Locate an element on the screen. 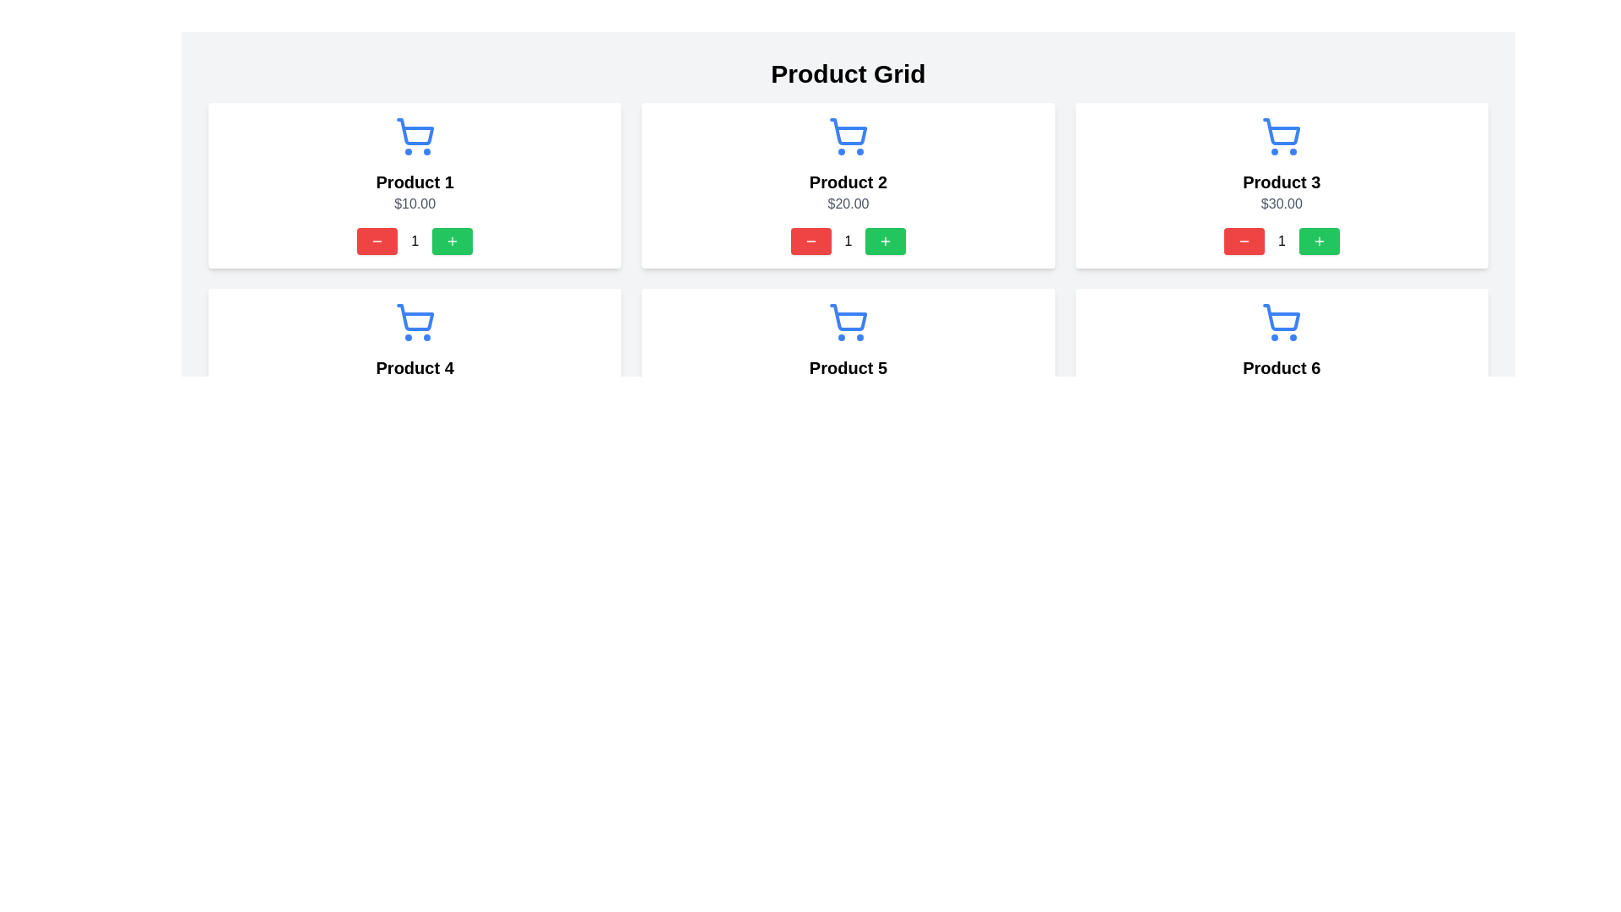 The image size is (1621, 912). the decorative graphical component of the shopping cart icon for 'Product 1', which visually conveys the add-to-cart functionality, located centrally within the icon is located at coordinates (415, 131).